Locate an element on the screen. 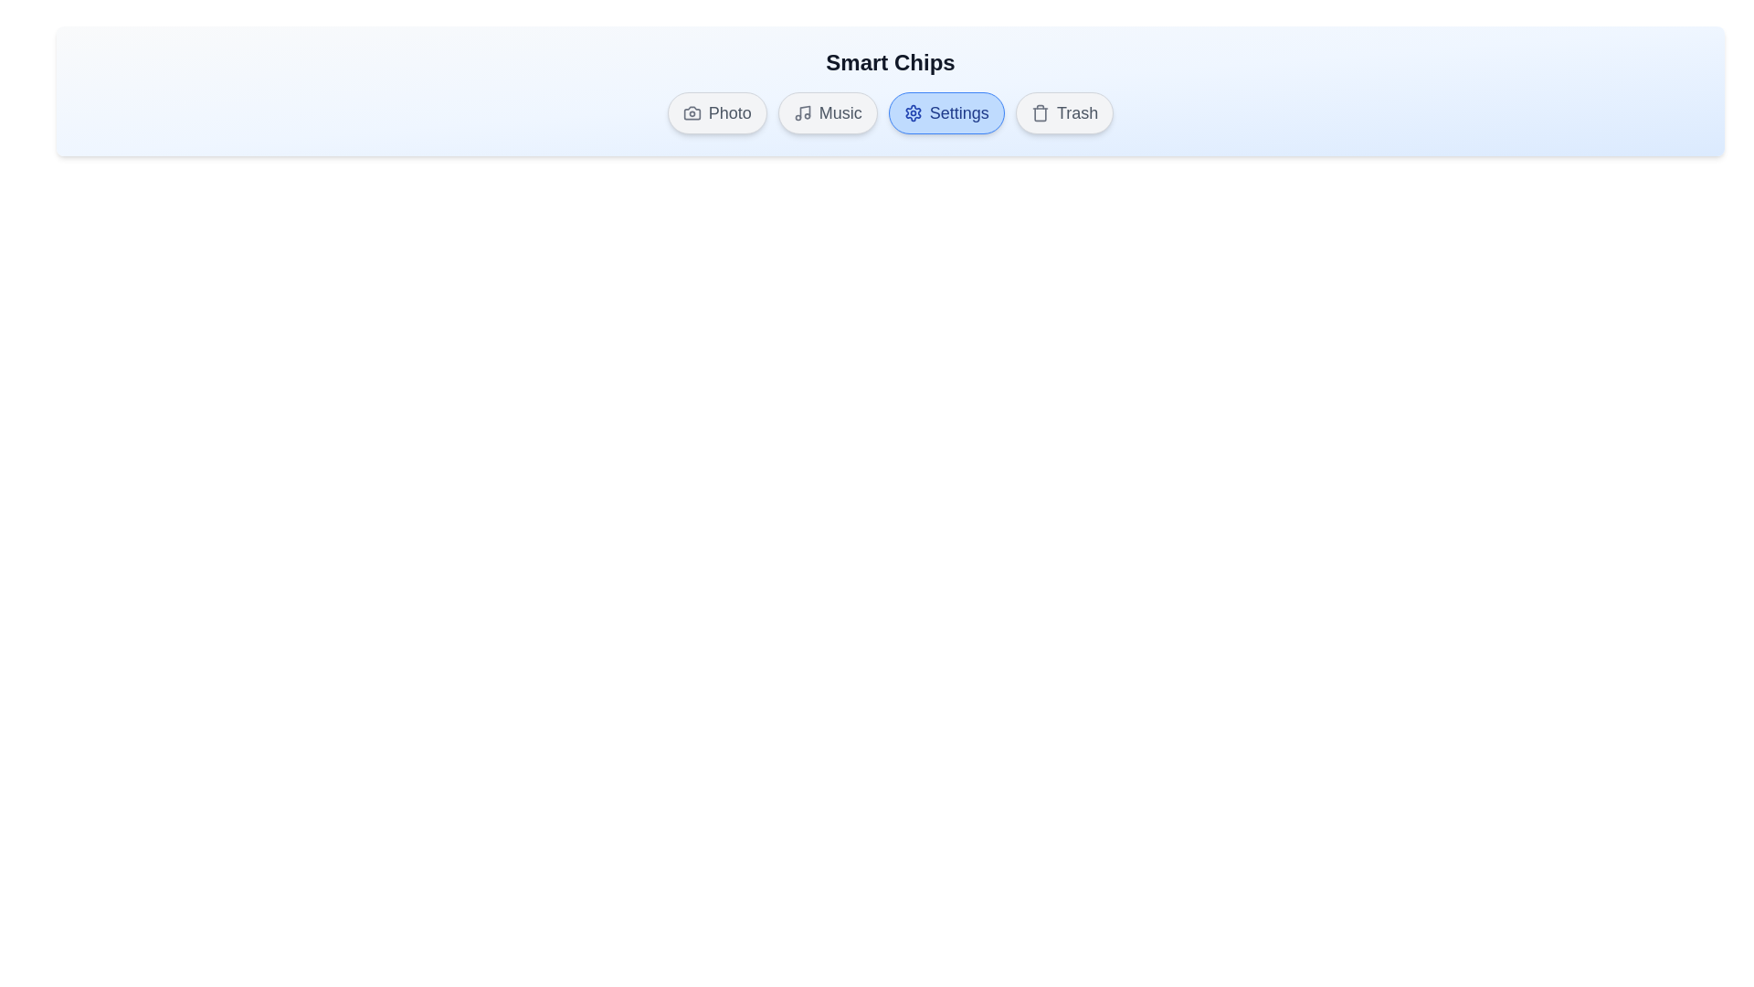 This screenshot has width=1754, height=987. the chip labeled 'Settings' to observe its hover effect is located at coordinates (946, 112).